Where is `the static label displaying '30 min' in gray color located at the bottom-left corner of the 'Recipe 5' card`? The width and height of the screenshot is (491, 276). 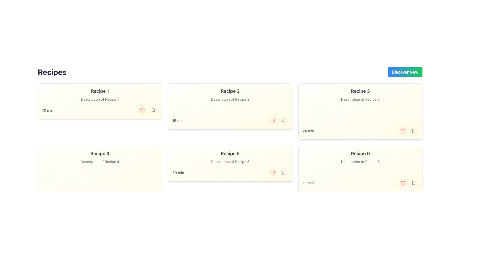 the static label displaying '30 min' in gray color located at the bottom-left corner of the 'Recipe 5' card is located at coordinates (178, 172).